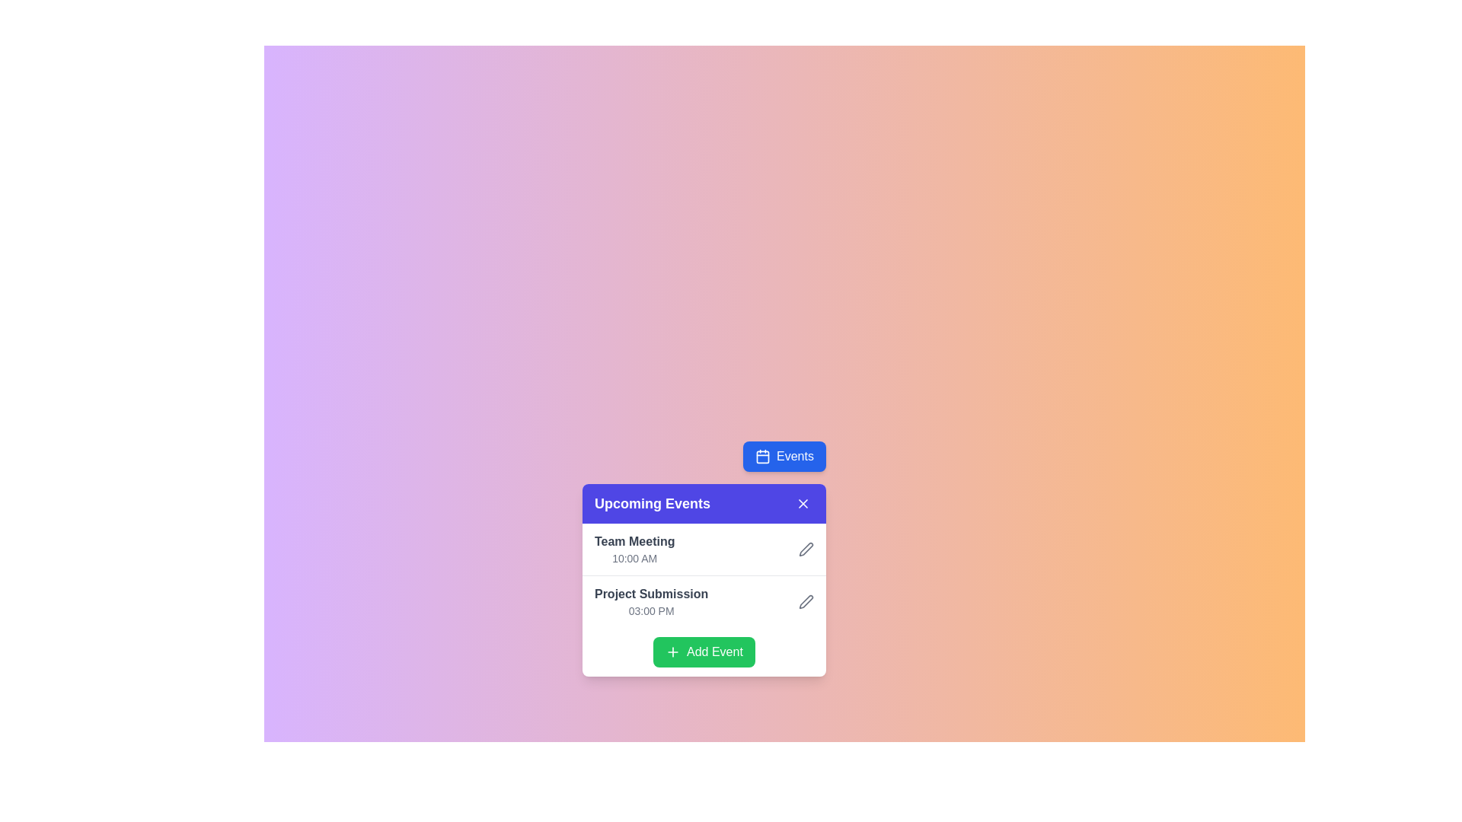 Image resolution: width=1462 pixels, height=822 pixels. Describe the element at coordinates (805, 601) in the screenshot. I see `the edit pen icon located to the right of 'Project Submission' and above '03:00 PM' in the 'Upcoming Events' list` at that location.